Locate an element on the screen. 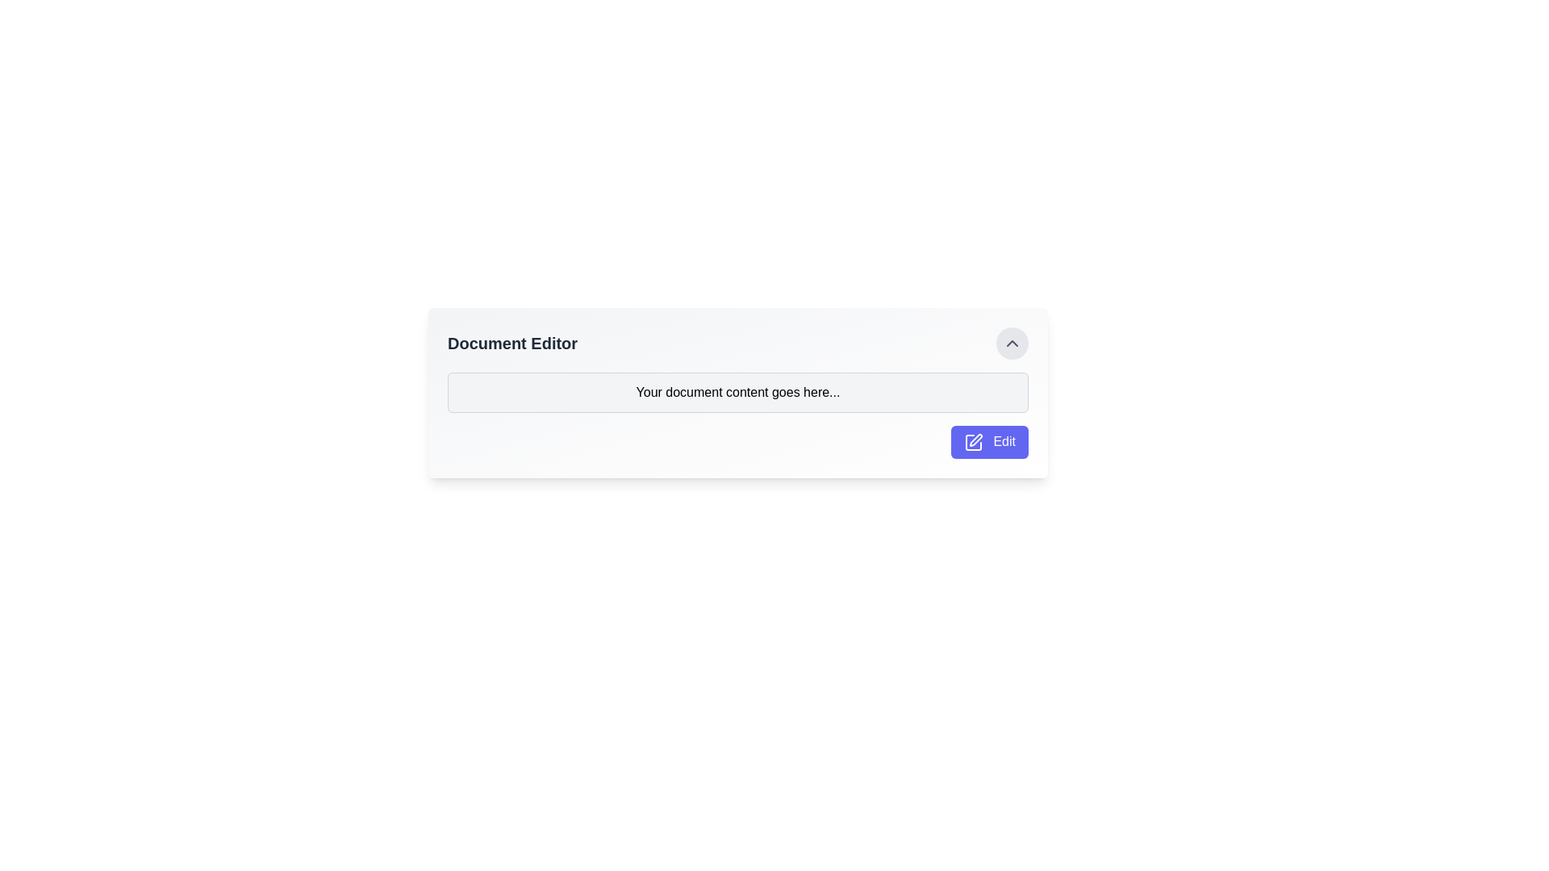  the vector graphic resembling a pen icon located next to the Edit button in the document editor interface is located at coordinates (975, 440).